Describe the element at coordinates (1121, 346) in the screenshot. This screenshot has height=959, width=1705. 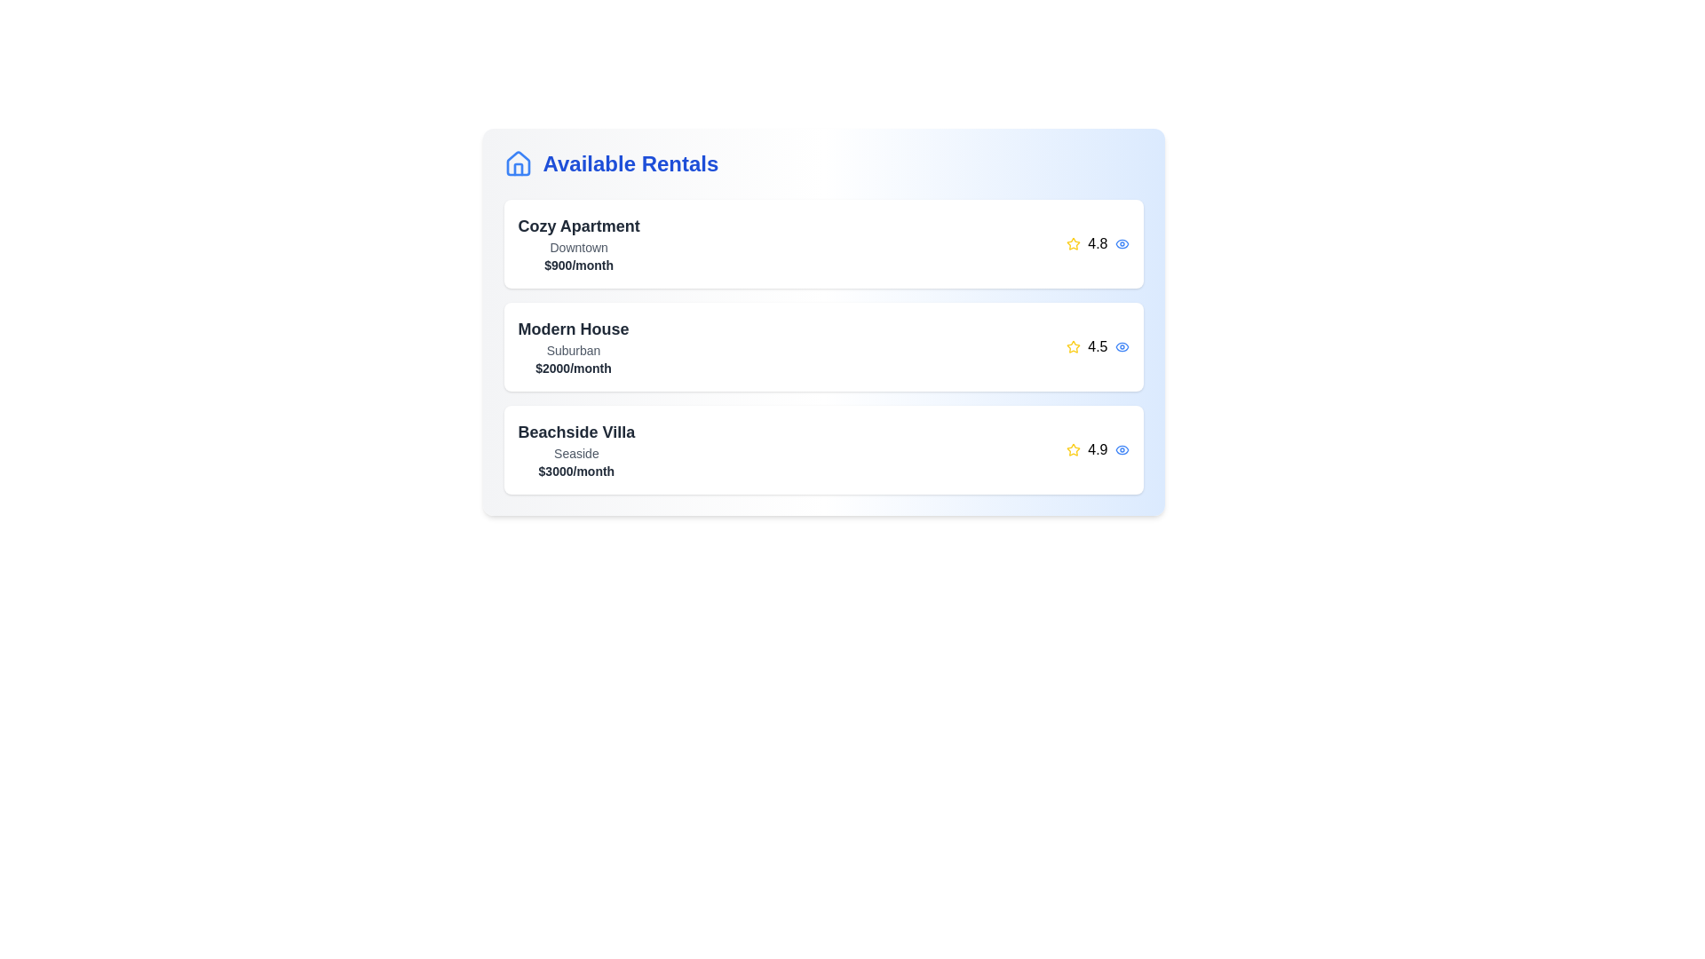
I see `the eye icon for the rental listing corresponding to Modern House` at that location.